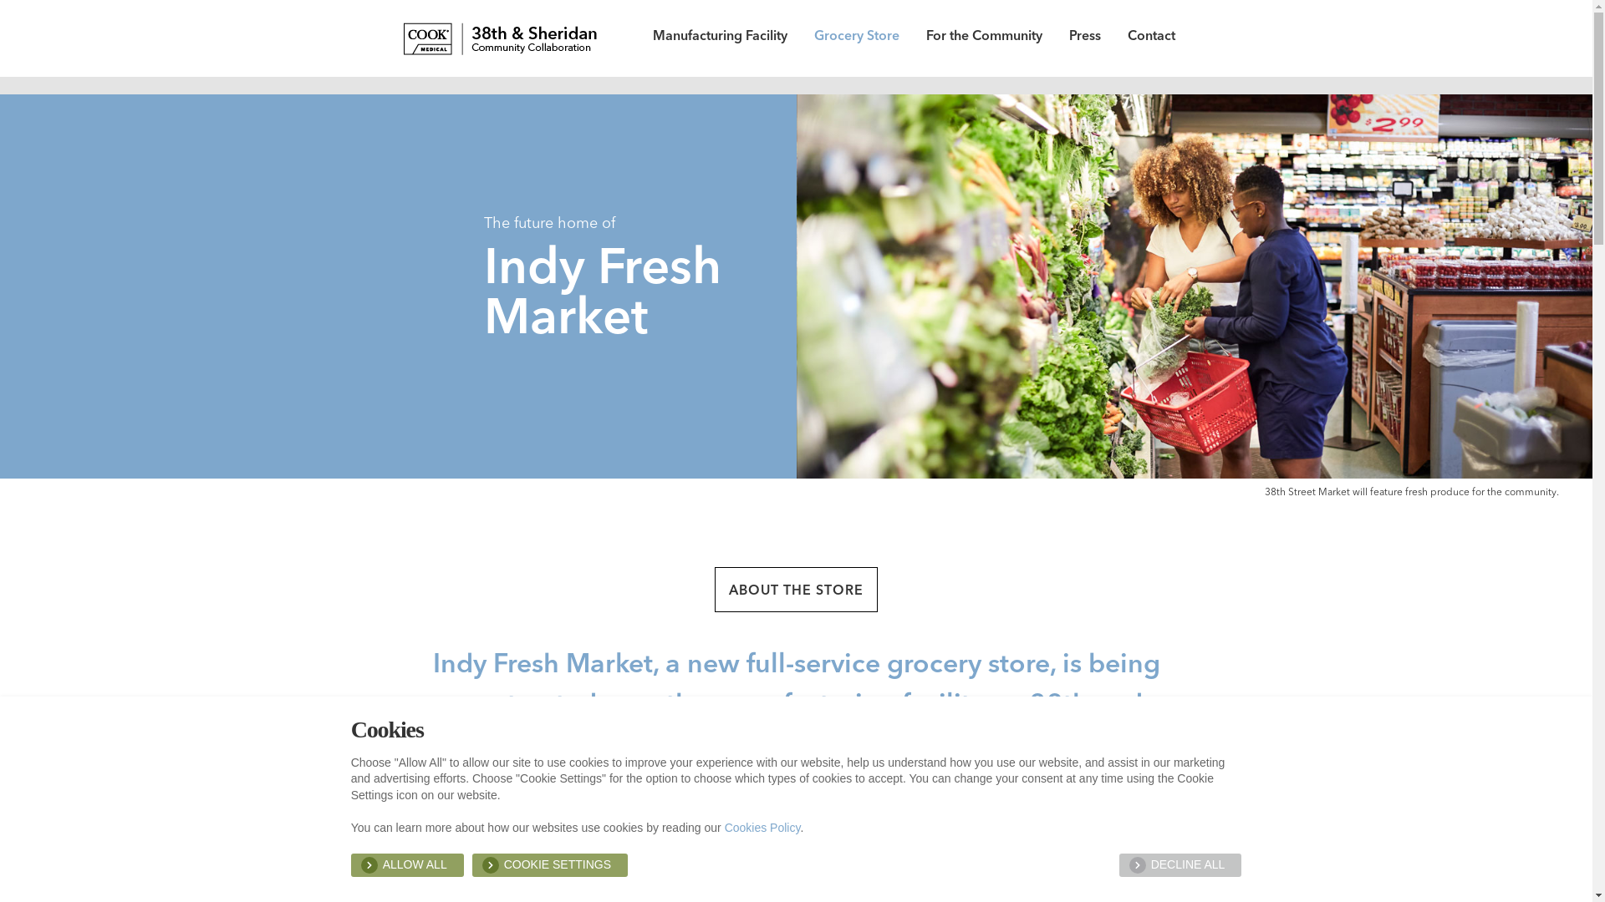 The height and width of the screenshot is (902, 1605). What do you see at coordinates (1150, 38) in the screenshot?
I see `'Contact'` at bounding box center [1150, 38].